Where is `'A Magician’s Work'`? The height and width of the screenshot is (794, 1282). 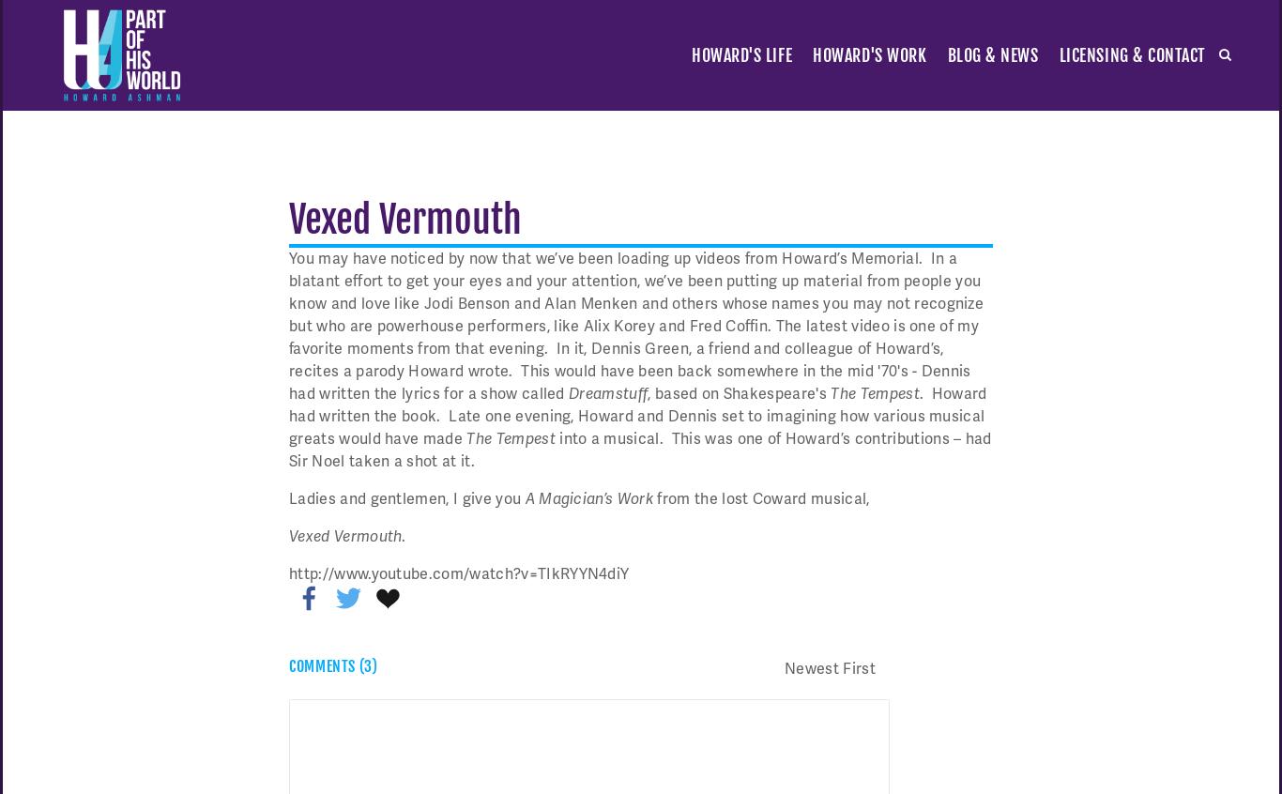
'A Magician’s Work' is located at coordinates (588, 497).